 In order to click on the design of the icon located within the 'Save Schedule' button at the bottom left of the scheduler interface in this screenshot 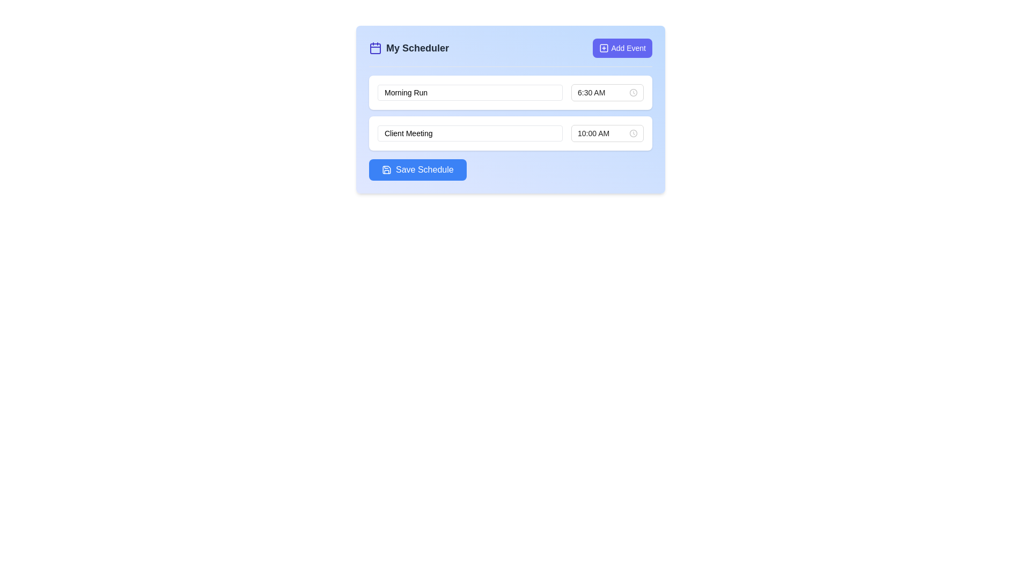, I will do `click(386, 169)`.